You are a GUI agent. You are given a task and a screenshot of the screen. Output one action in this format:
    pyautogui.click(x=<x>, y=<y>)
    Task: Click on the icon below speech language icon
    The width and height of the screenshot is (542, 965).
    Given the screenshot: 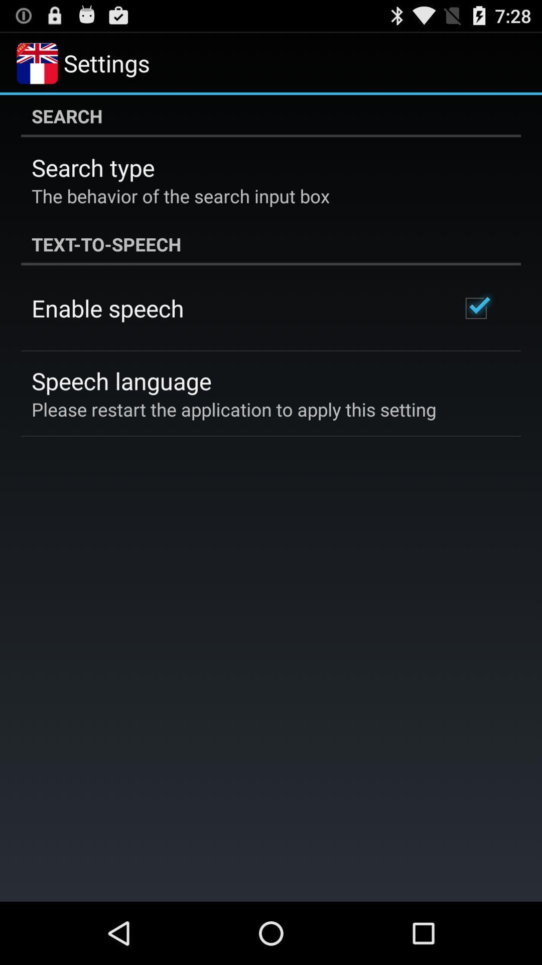 What is the action you would take?
    pyautogui.click(x=234, y=409)
    